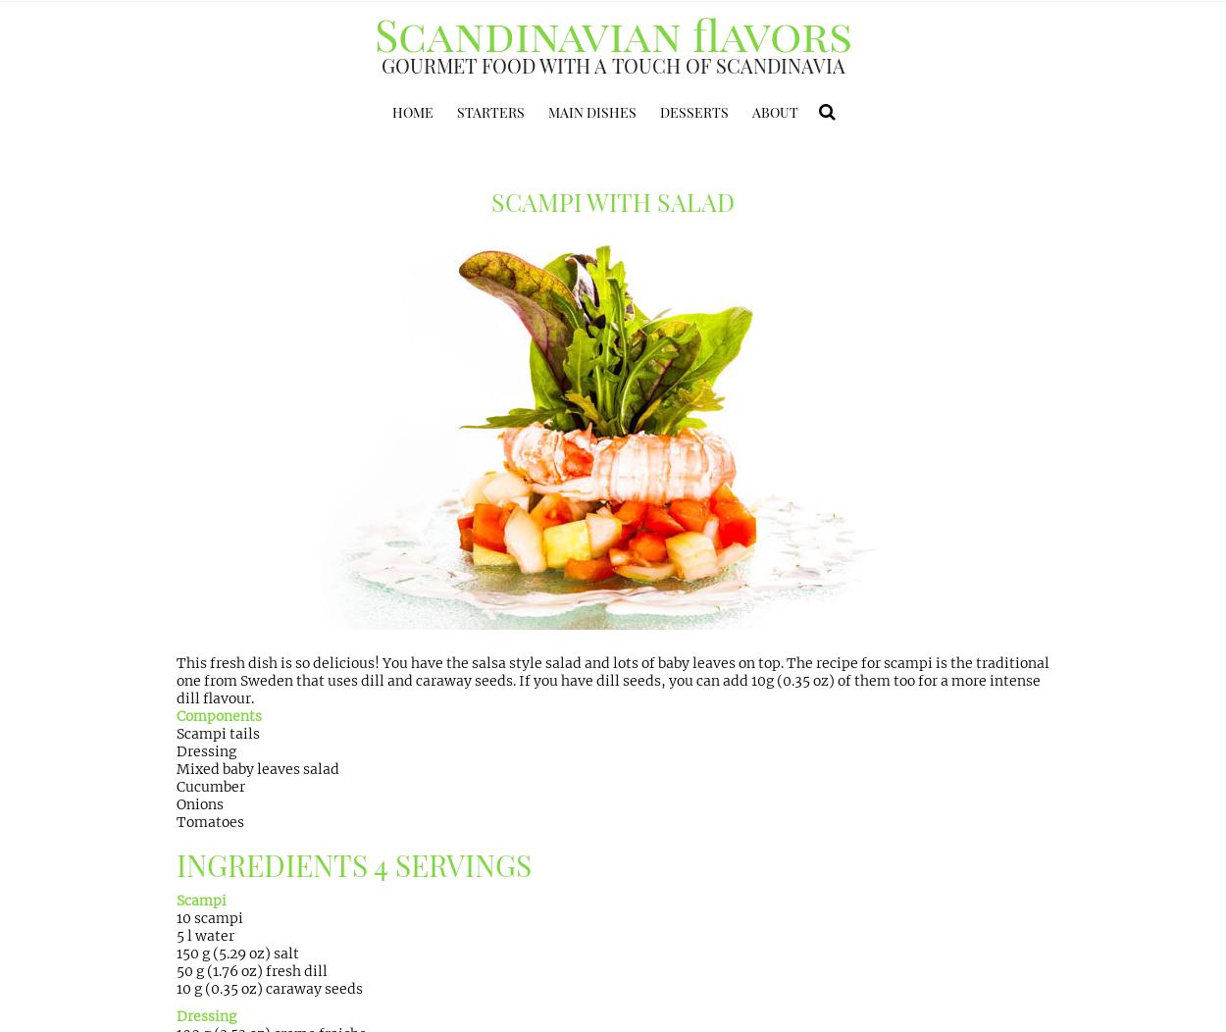  What do you see at coordinates (217, 732) in the screenshot?
I see `'Scampi tails'` at bounding box center [217, 732].